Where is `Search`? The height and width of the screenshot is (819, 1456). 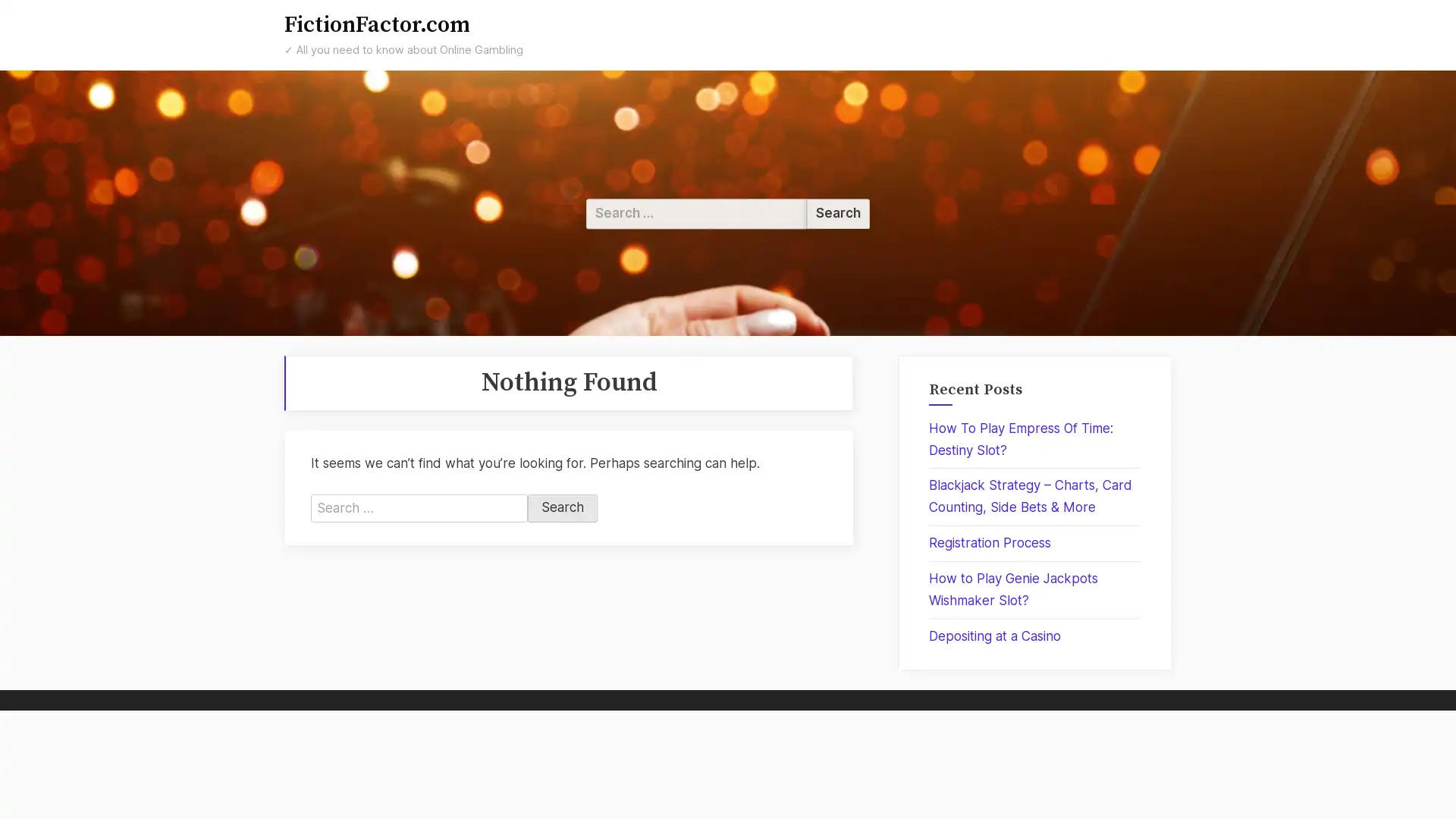
Search is located at coordinates (562, 508).